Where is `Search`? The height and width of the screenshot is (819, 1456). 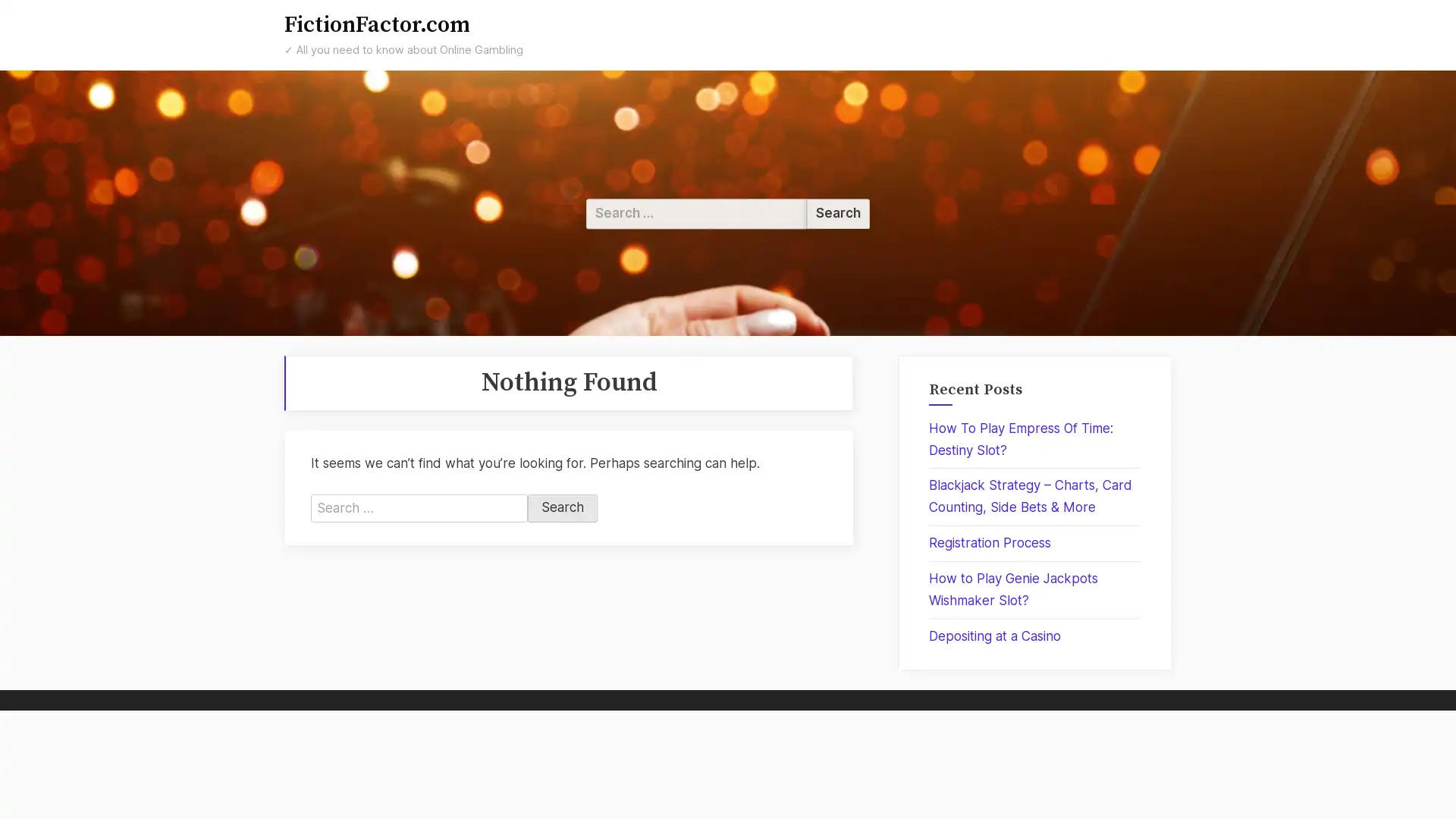
Search is located at coordinates (562, 508).